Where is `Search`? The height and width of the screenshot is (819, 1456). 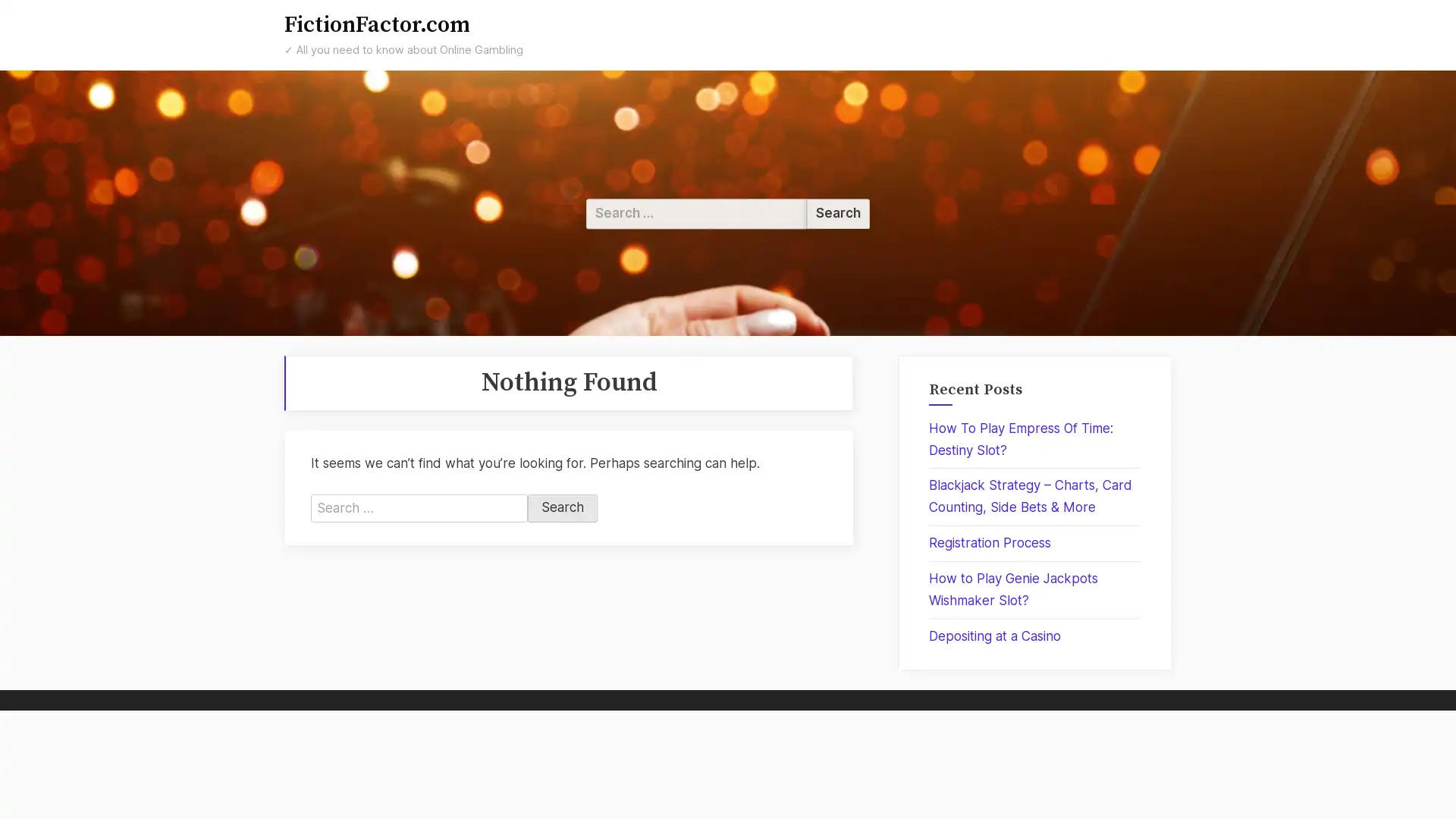
Search is located at coordinates (562, 508).